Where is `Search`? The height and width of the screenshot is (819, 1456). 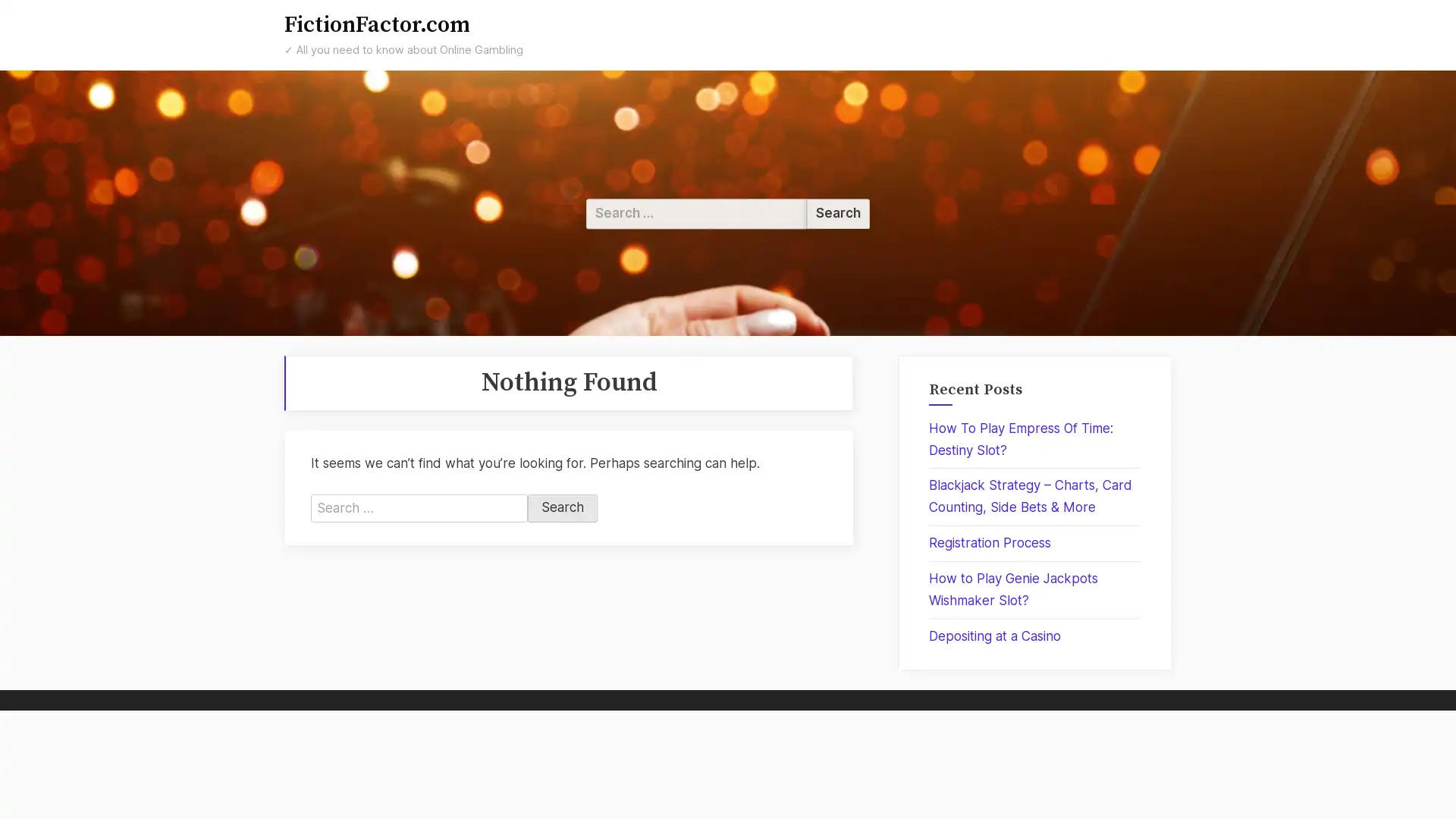
Search is located at coordinates (562, 508).